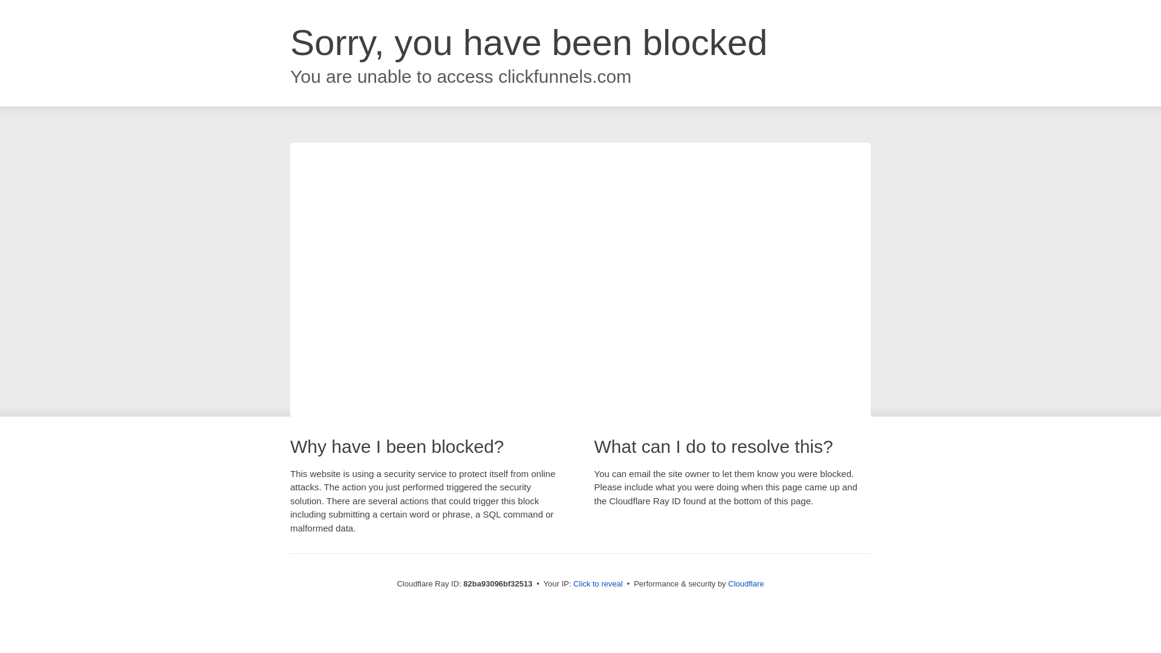  What do you see at coordinates (745, 583) in the screenshot?
I see `'Cloudflare'` at bounding box center [745, 583].